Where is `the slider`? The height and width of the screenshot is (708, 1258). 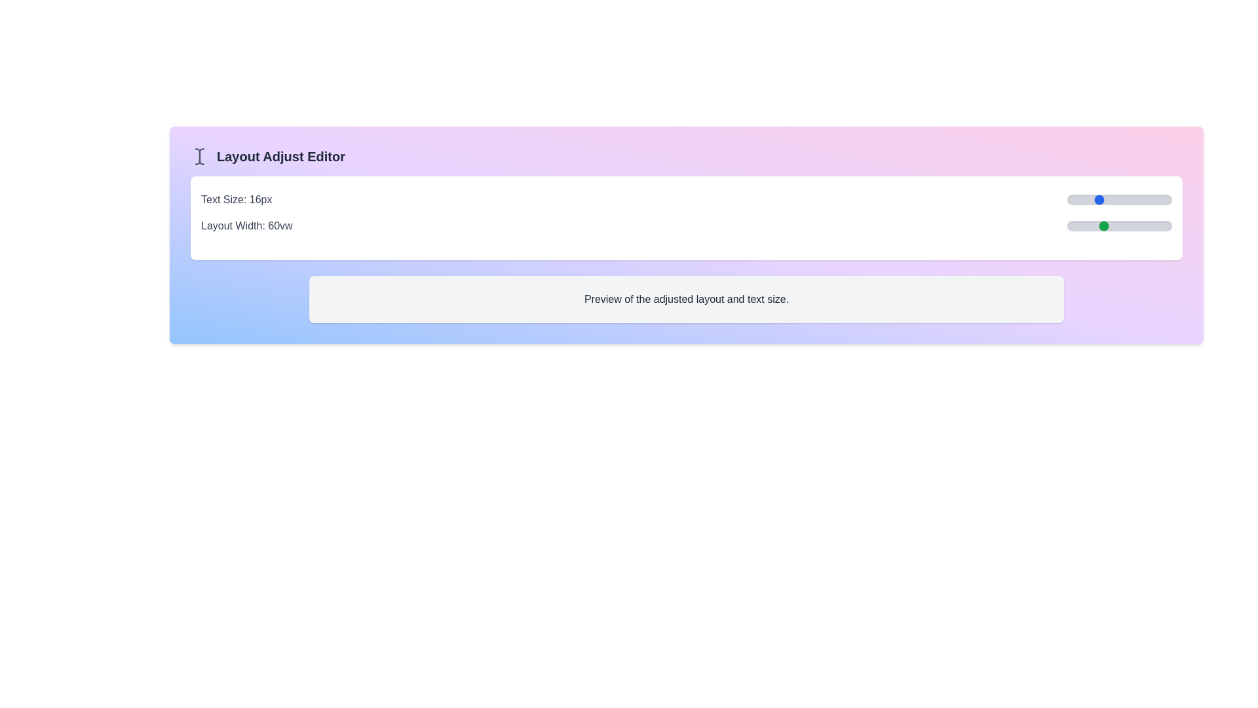
the slider is located at coordinates (1110, 225).